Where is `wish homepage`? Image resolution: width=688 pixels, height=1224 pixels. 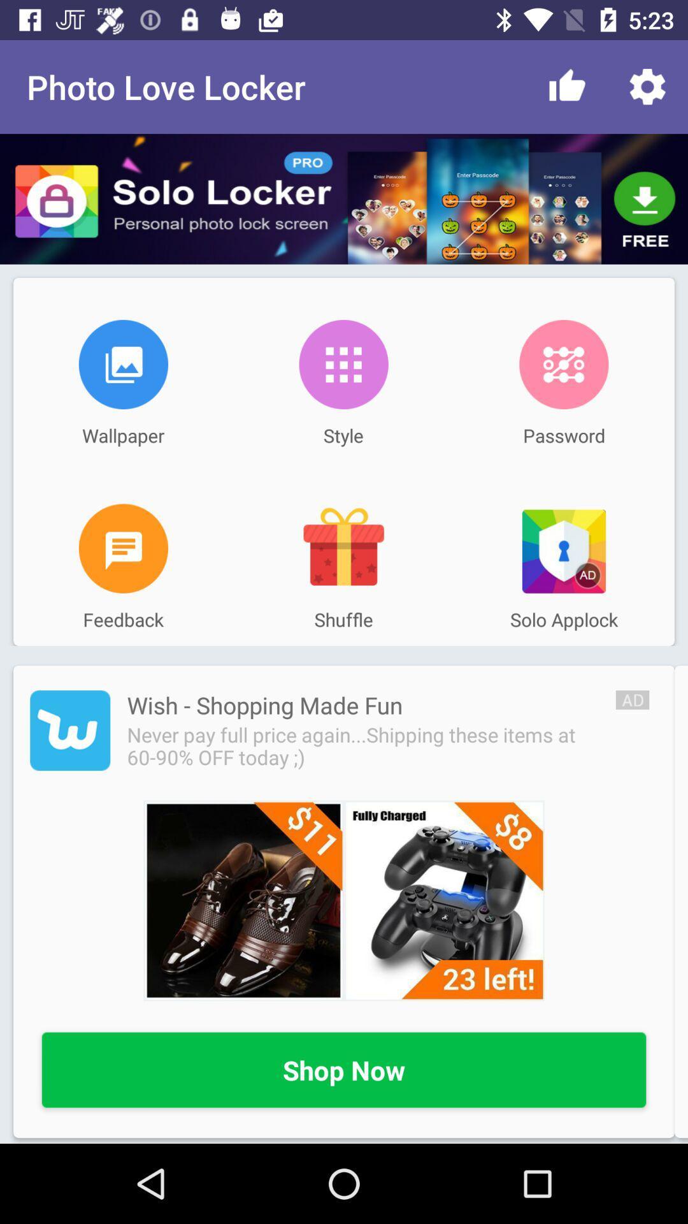 wish homepage is located at coordinates (70, 731).